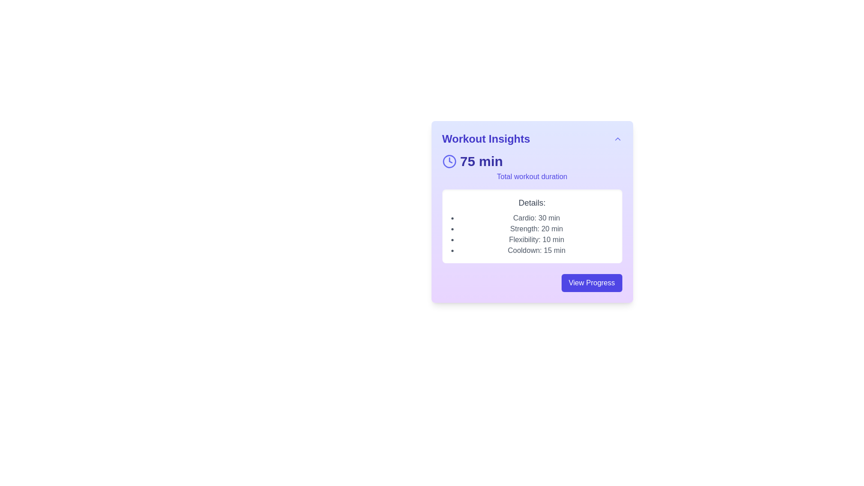  I want to click on the Information Panel which contains the heading 'Details:' and a list of workout activities, positioned centrally within the 'Workout Insights' card, so click(532, 225).